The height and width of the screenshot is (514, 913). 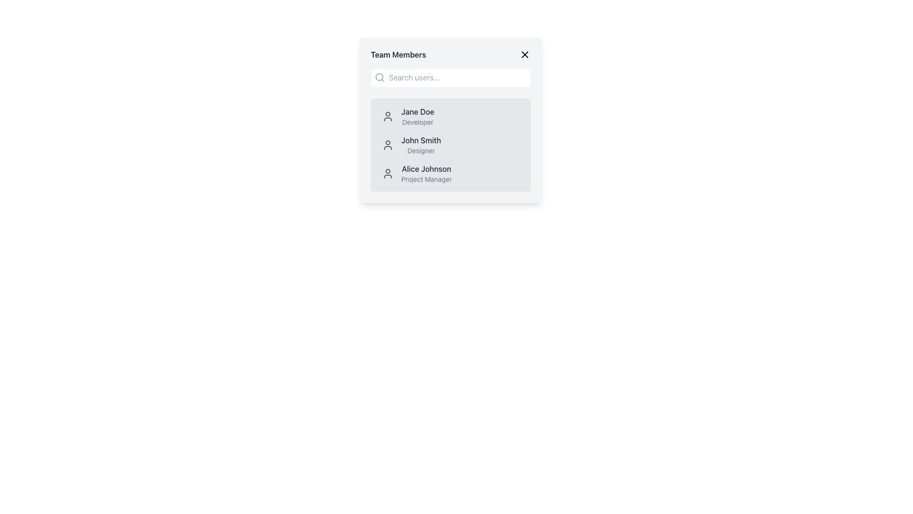 What do you see at coordinates (388, 116) in the screenshot?
I see `the user profile icon representing Jane Doe` at bounding box center [388, 116].